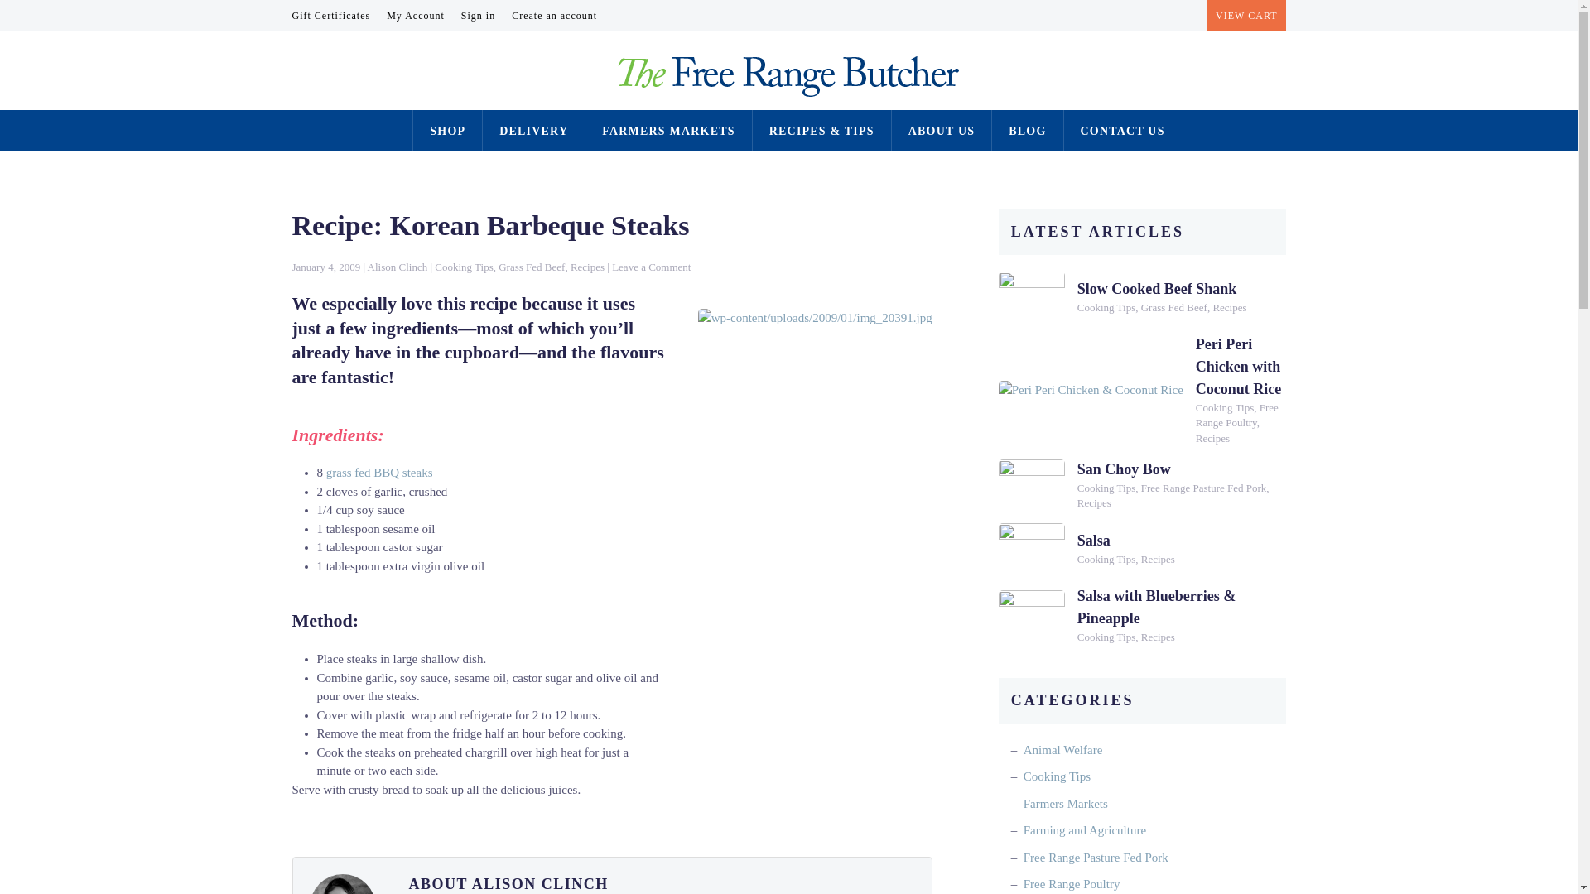  Describe the element at coordinates (1077, 540) in the screenshot. I see `'Salsa'` at that location.